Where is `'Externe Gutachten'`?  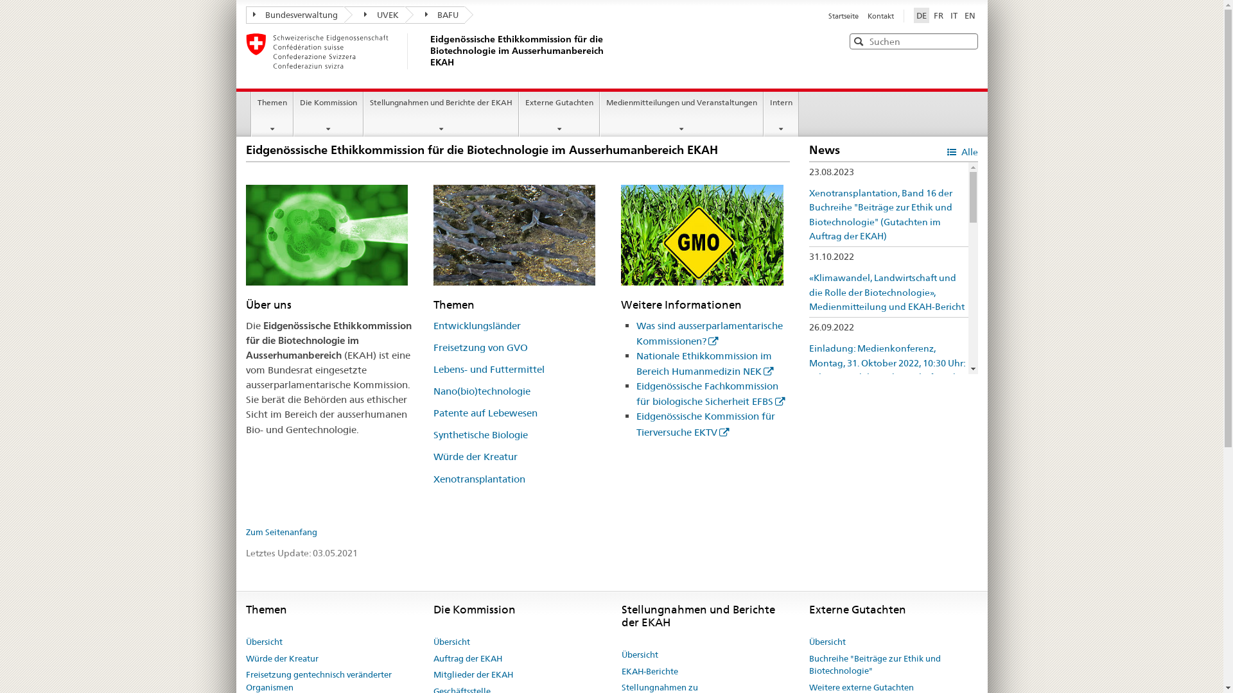
'Externe Gutachten' is located at coordinates (559, 113).